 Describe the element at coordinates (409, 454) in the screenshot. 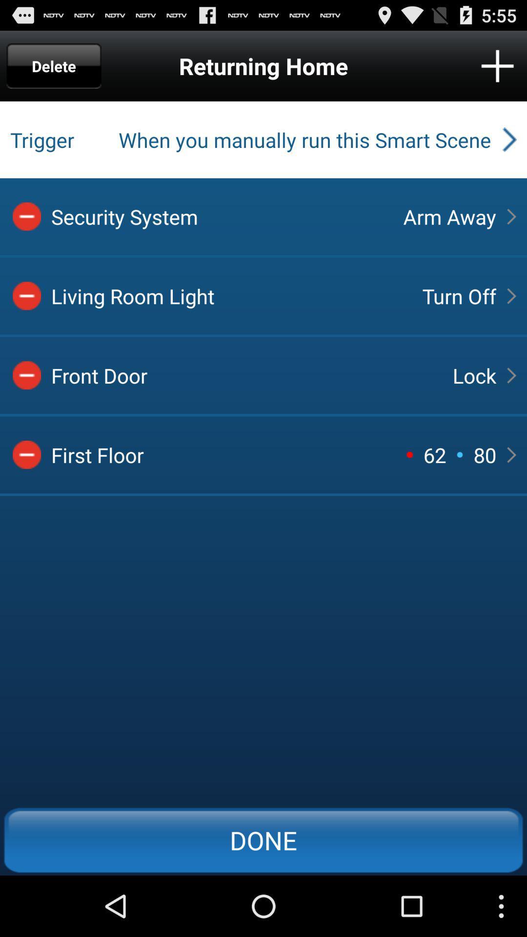

I see `app next to 62` at that location.